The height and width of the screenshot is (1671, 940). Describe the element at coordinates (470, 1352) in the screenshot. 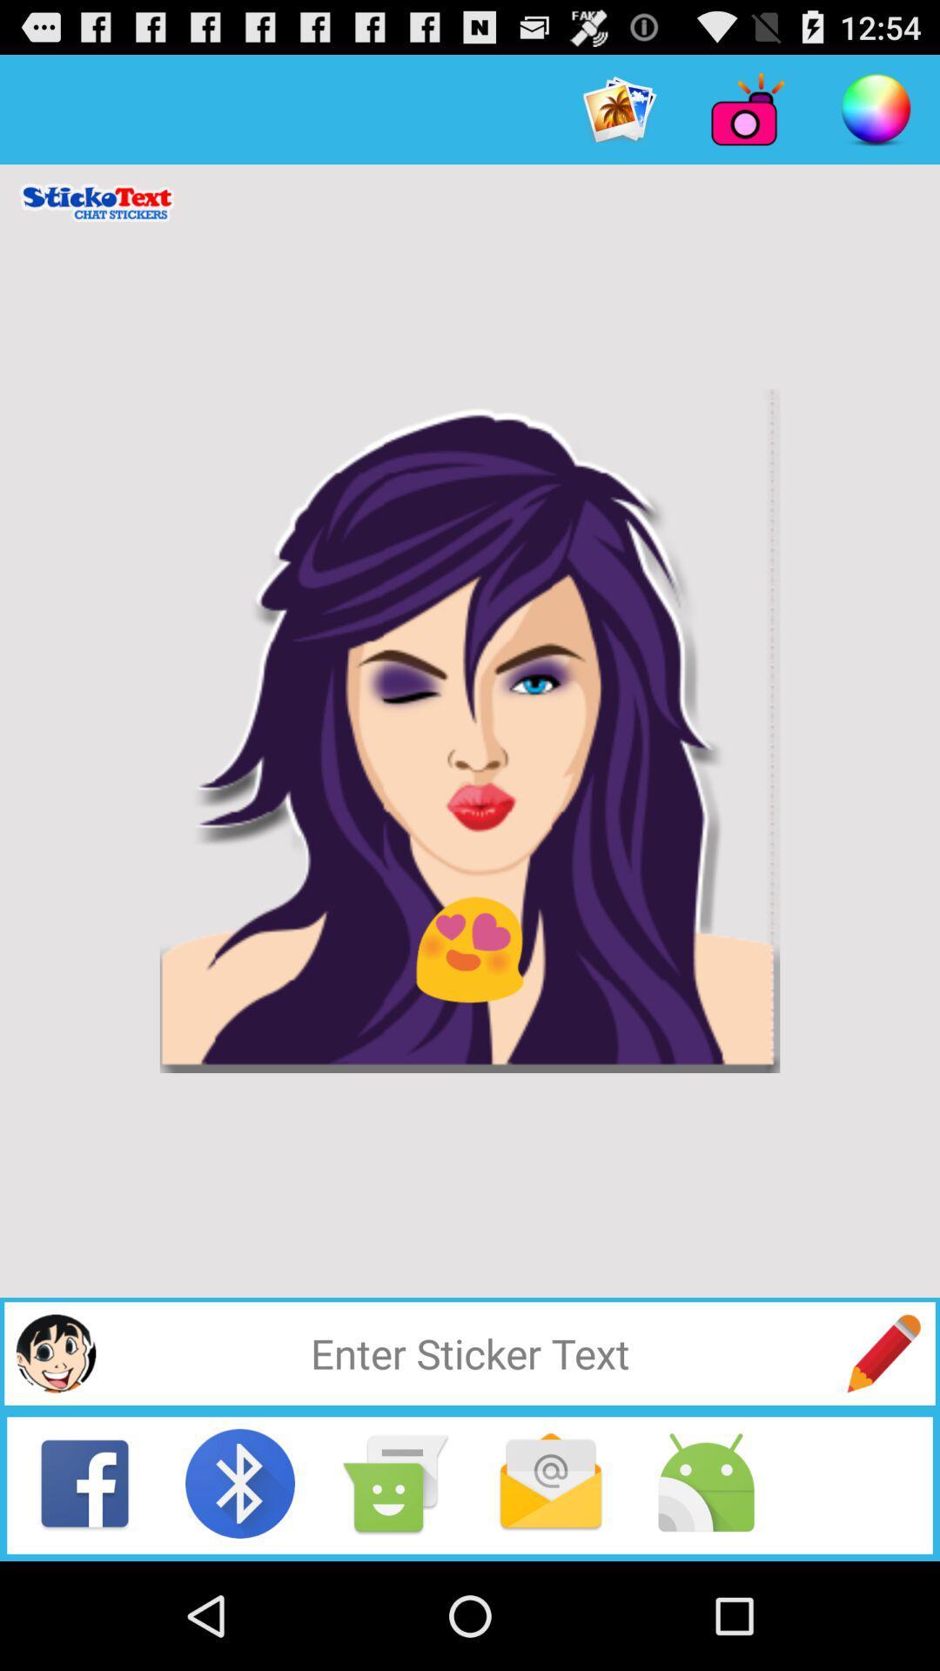

I see `the enter sticker text text field` at that location.